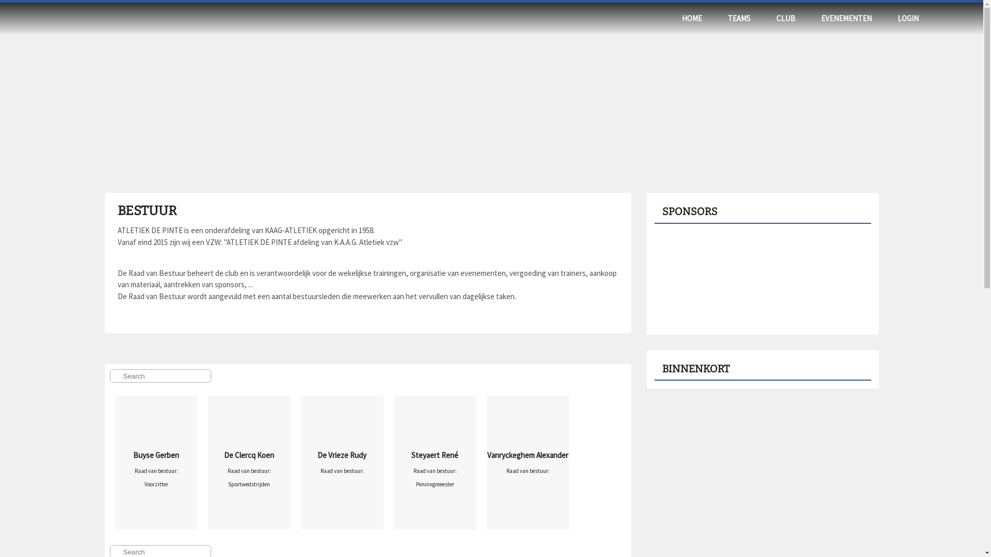  Describe the element at coordinates (117, 210) in the screenshot. I see `'BESTUUR'` at that location.